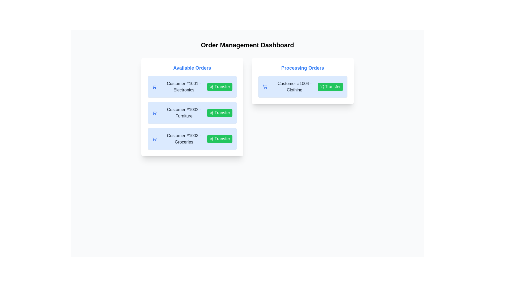 This screenshot has height=287, width=510. Describe the element at coordinates (154, 87) in the screenshot. I see `the shopping cart icon that represents the product-related order in the 'Available Orders' section, located to the left of the text 'Customer #1001 - Electronics'` at that location.